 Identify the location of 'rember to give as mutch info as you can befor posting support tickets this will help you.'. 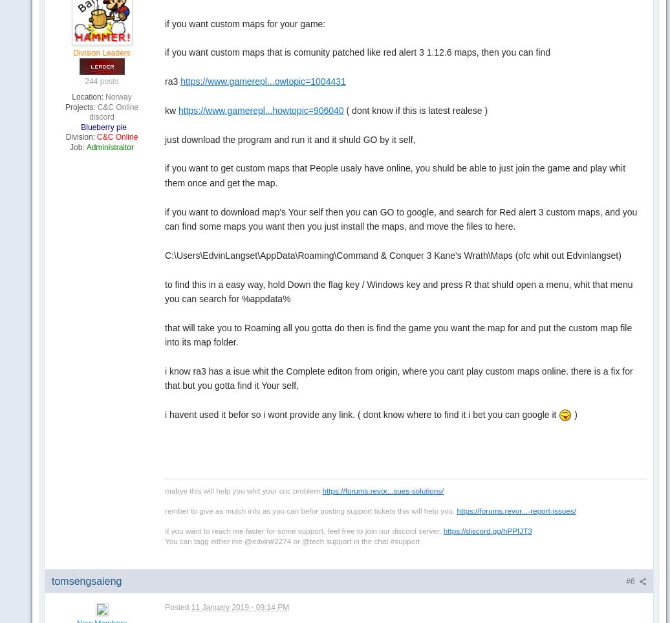
(310, 509).